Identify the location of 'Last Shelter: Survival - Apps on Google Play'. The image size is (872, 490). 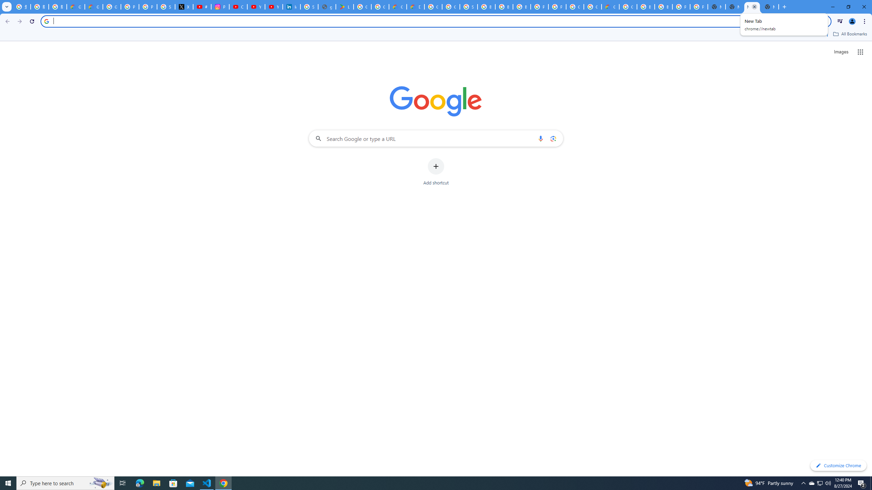
(344, 6).